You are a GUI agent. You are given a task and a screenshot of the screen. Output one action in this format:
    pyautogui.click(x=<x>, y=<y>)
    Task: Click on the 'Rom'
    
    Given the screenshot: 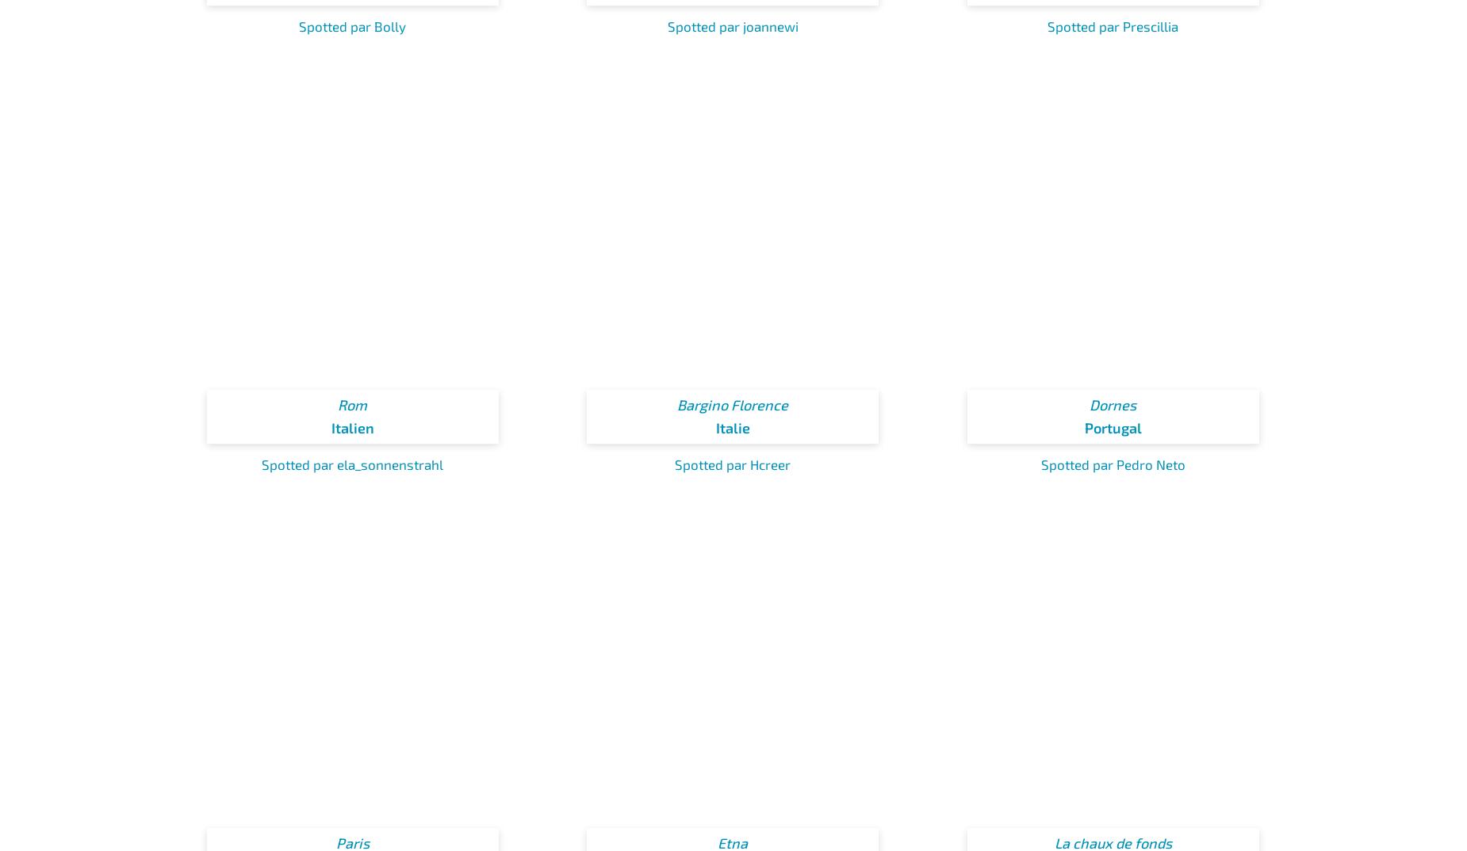 What is the action you would take?
    pyautogui.click(x=351, y=405)
    